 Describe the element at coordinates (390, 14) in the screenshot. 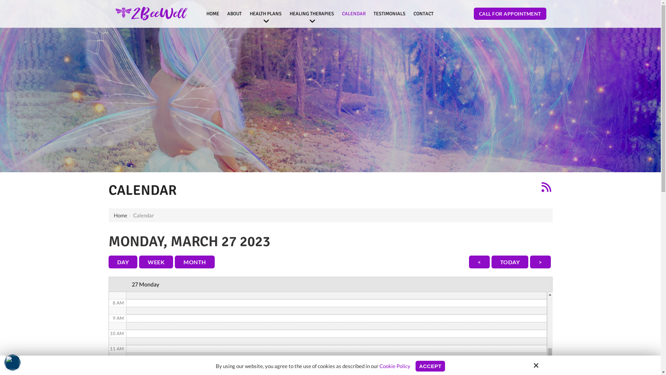

I see `'TESTIMONIALS'` at that location.